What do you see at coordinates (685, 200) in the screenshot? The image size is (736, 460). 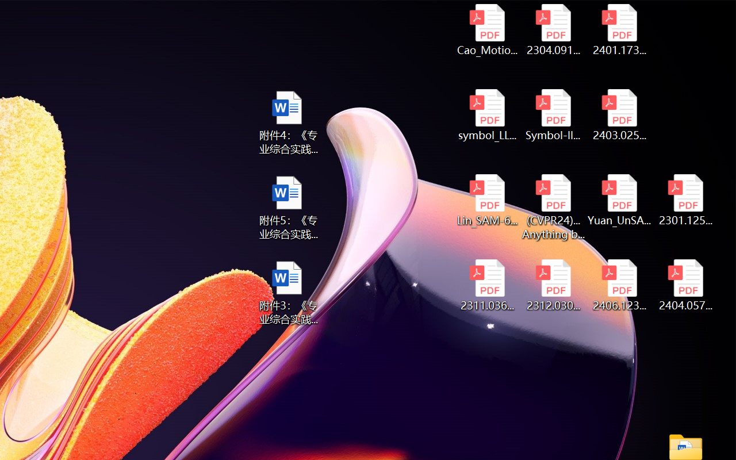 I see `'2301.12597v3.pdf'` at bounding box center [685, 200].